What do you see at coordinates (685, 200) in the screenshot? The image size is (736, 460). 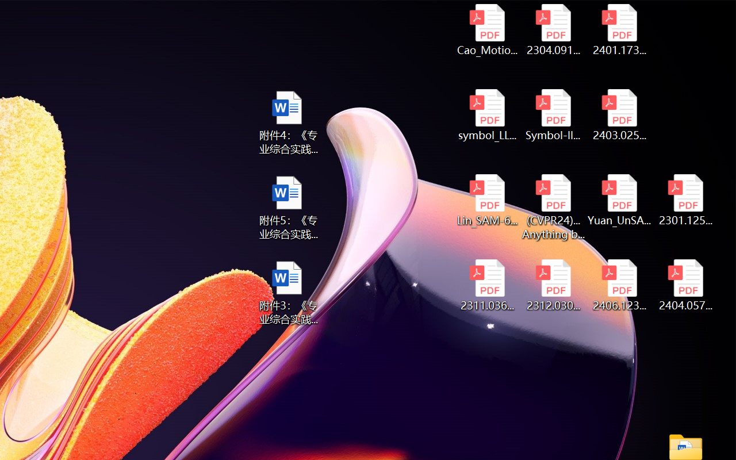 I see `'2301.12597v3.pdf'` at bounding box center [685, 200].